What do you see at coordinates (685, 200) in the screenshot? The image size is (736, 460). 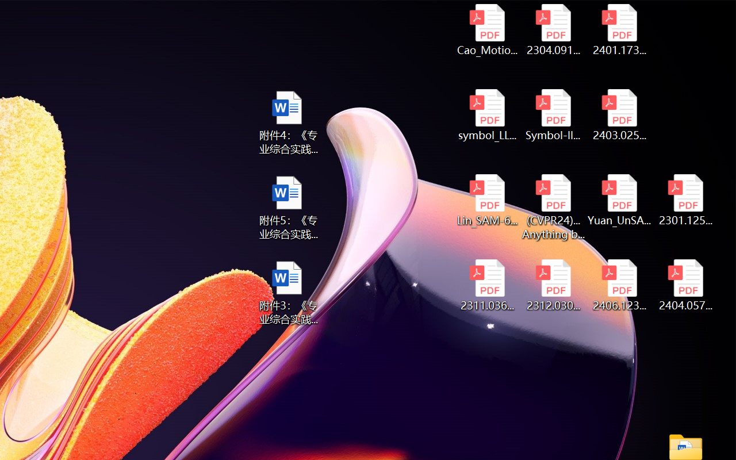 I see `'2301.12597v3.pdf'` at bounding box center [685, 200].